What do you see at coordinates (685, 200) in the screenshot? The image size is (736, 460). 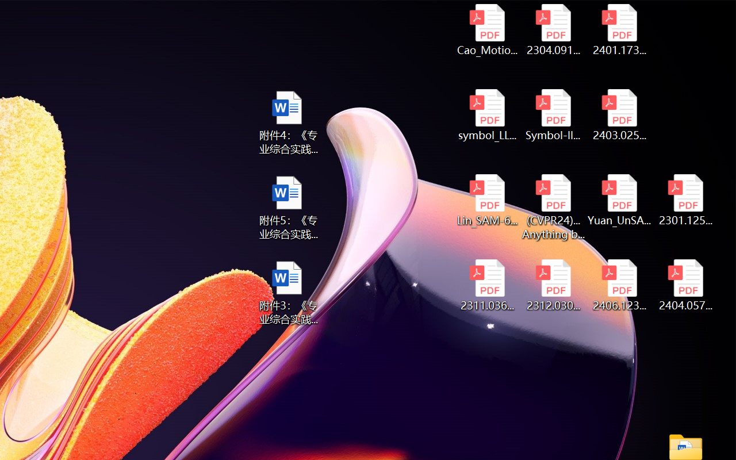 I see `'2301.12597v3.pdf'` at bounding box center [685, 200].